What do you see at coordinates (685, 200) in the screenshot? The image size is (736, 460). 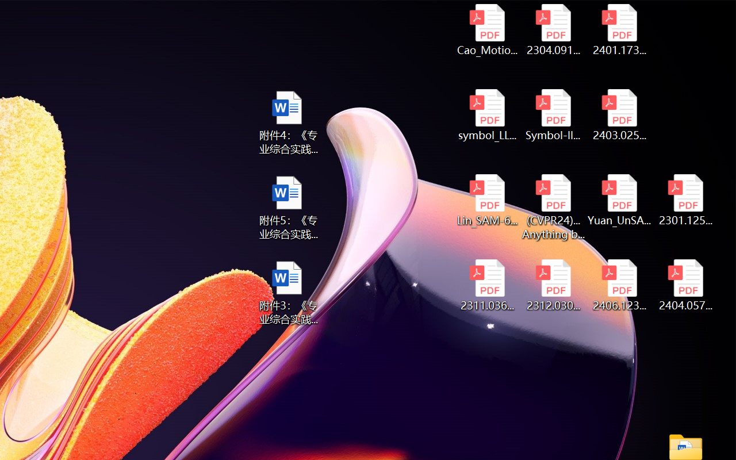 I see `'2301.12597v3.pdf'` at bounding box center [685, 200].